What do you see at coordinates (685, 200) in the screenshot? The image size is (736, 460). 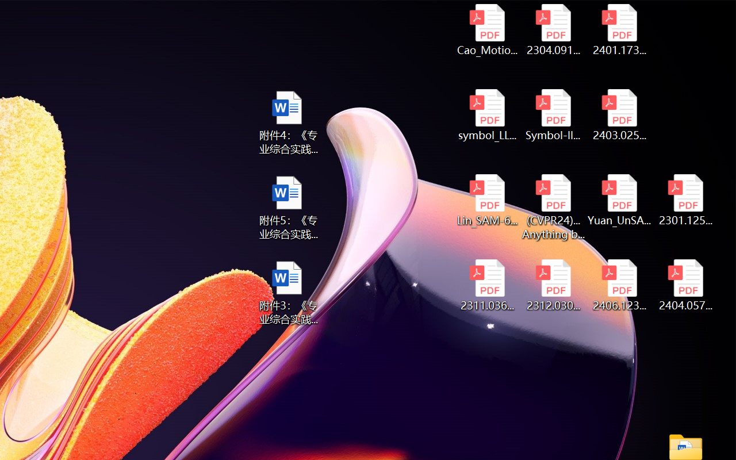 I see `'2301.12597v3.pdf'` at bounding box center [685, 200].